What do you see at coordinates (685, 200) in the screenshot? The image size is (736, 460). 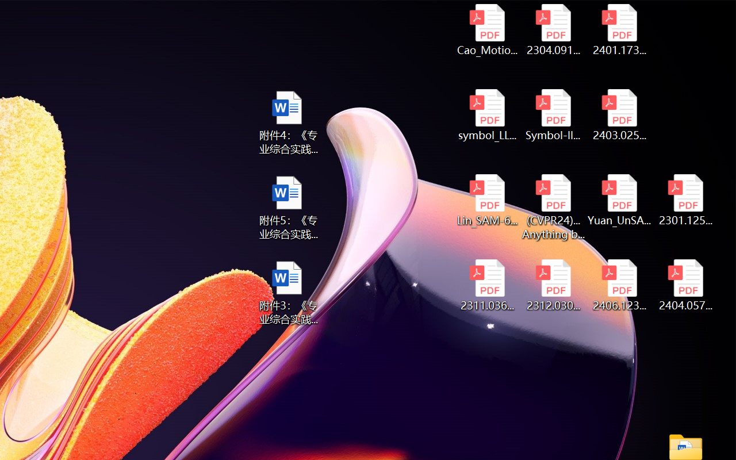 I see `'2301.12597v3.pdf'` at bounding box center [685, 200].